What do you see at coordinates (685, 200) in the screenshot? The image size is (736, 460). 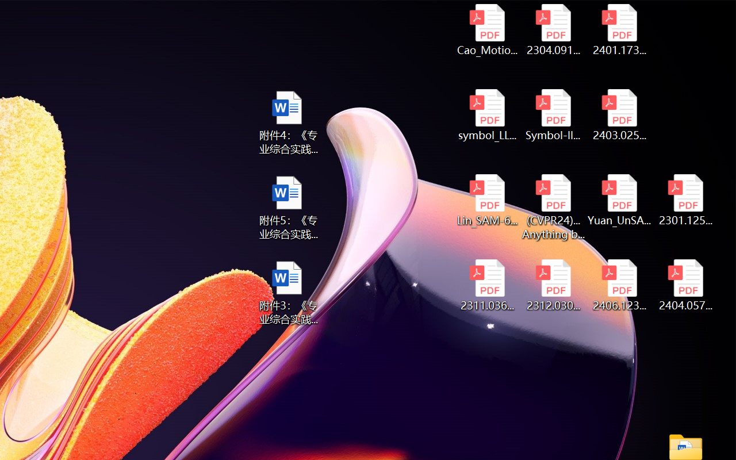 I see `'2301.12597v3.pdf'` at bounding box center [685, 200].